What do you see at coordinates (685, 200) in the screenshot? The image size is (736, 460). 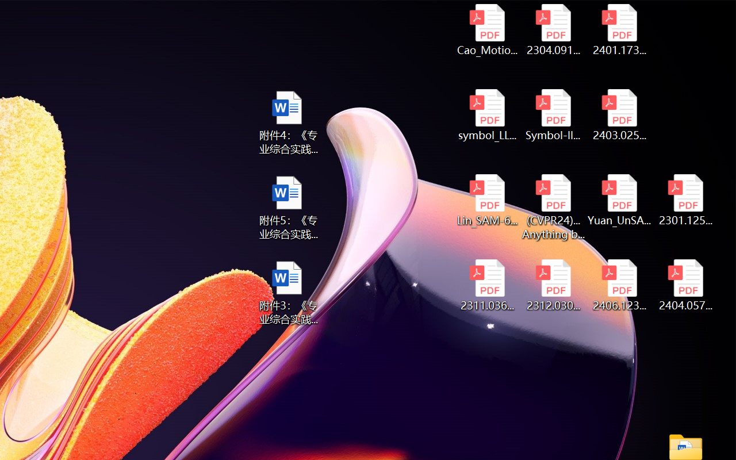 I see `'2301.12597v3.pdf'` at bounding box center [685, 200].